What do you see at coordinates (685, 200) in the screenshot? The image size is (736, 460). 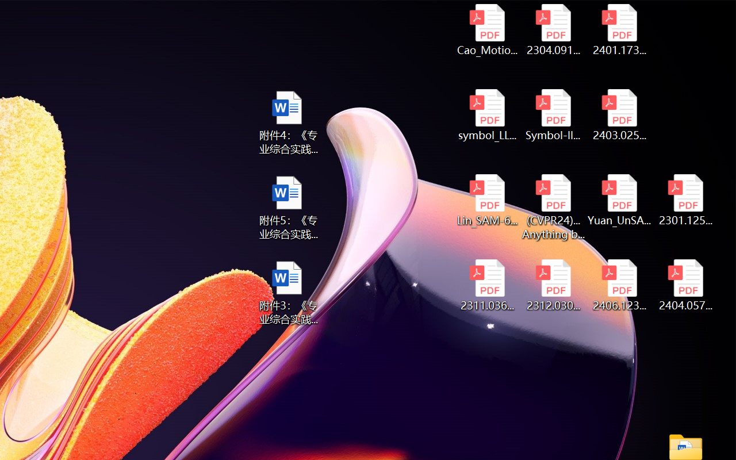 I see `'2301.12597v3.pdf'` at bounding box center [685, 200].